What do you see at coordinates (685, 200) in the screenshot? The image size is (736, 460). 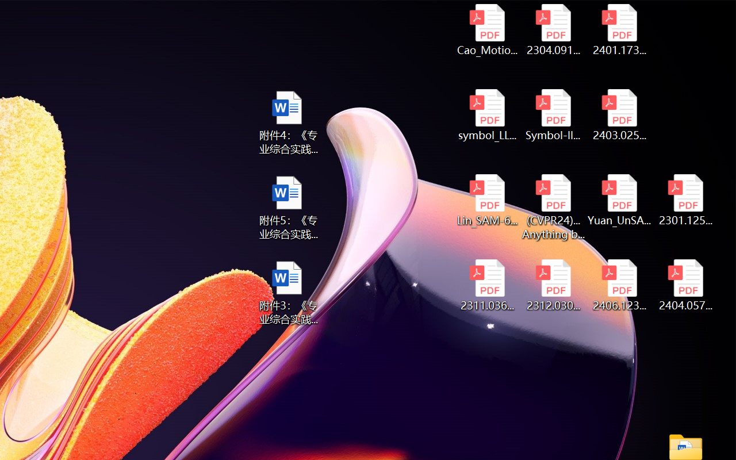 I see `'2301.12597v3.pdf'` at bounding box center [685, 200].